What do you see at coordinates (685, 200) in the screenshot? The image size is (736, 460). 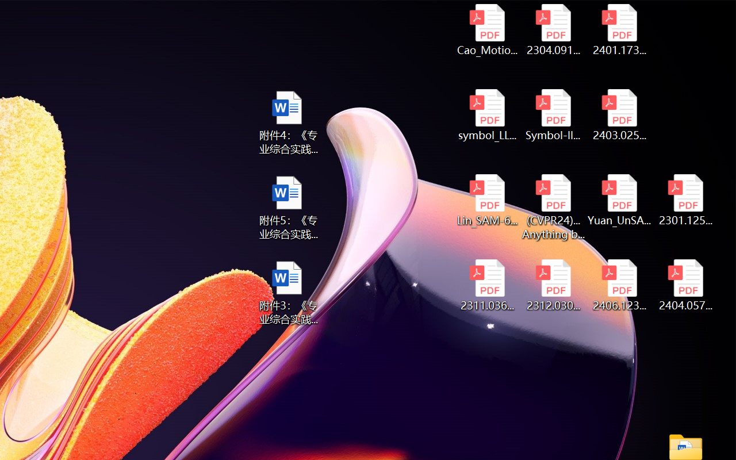 I see `'2301.12597v3.pdf'` at bounding box center [685, 200].